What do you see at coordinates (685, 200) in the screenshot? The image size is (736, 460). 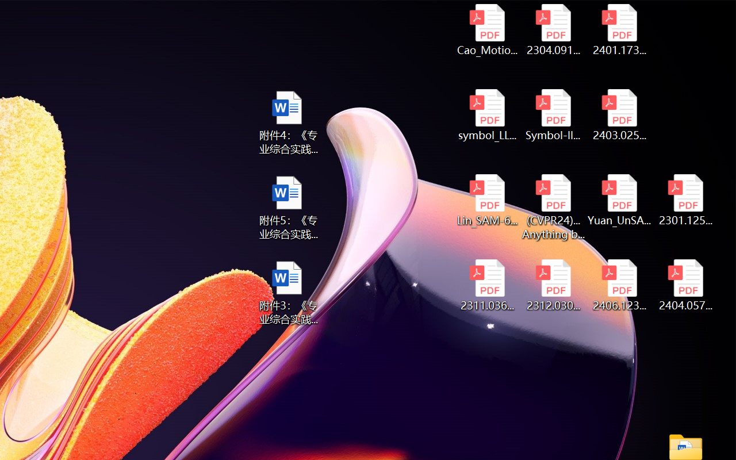 I see `'2301.12597v3.pdf'` at bounding box center [685, 200].